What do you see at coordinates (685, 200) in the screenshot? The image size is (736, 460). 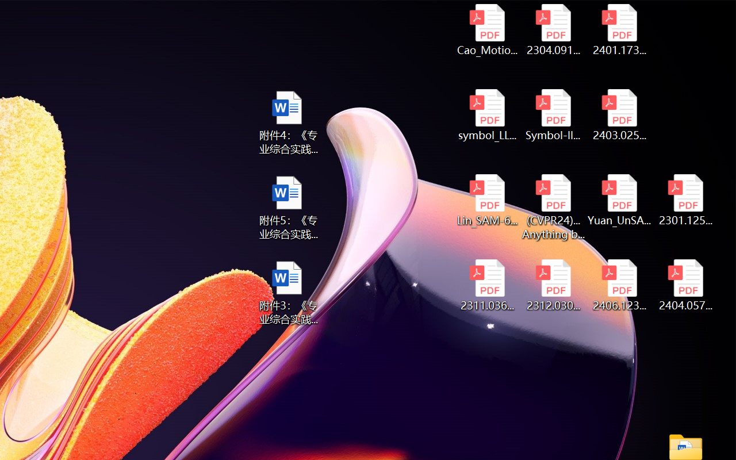 I see `'2301.12597v3.pdf'` at bounding box center [685, 200].